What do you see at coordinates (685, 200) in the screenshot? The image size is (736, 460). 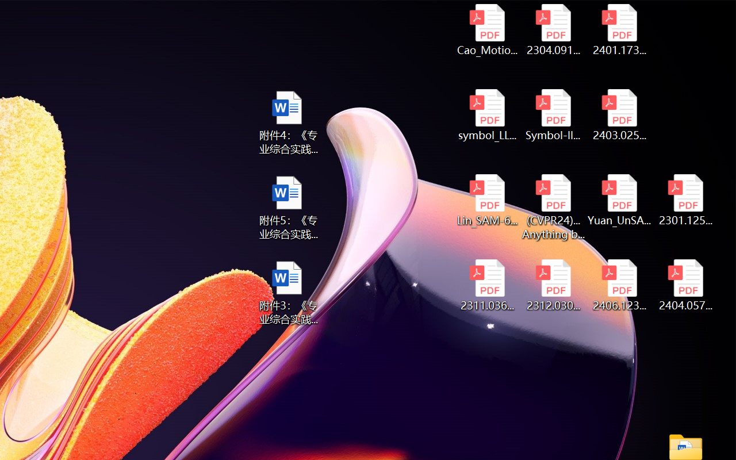 I see `'2301.12597v3.pdf'` at bounding box center [685, 200].